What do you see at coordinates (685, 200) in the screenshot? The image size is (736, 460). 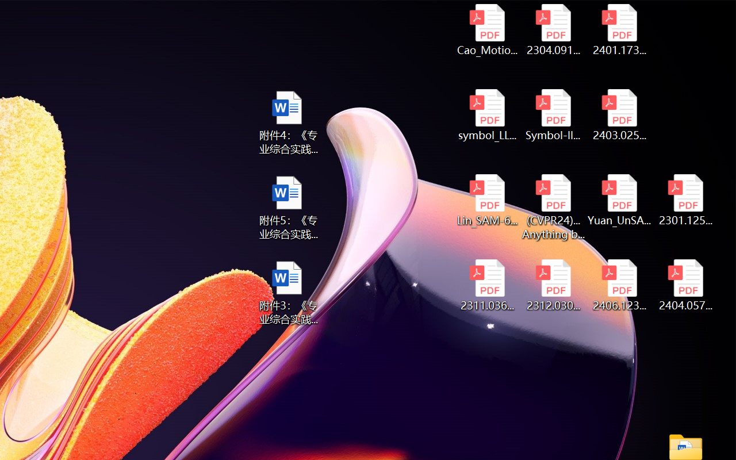 I see `'2301.12597v3.pdf'` at bounding box center [685, 200].